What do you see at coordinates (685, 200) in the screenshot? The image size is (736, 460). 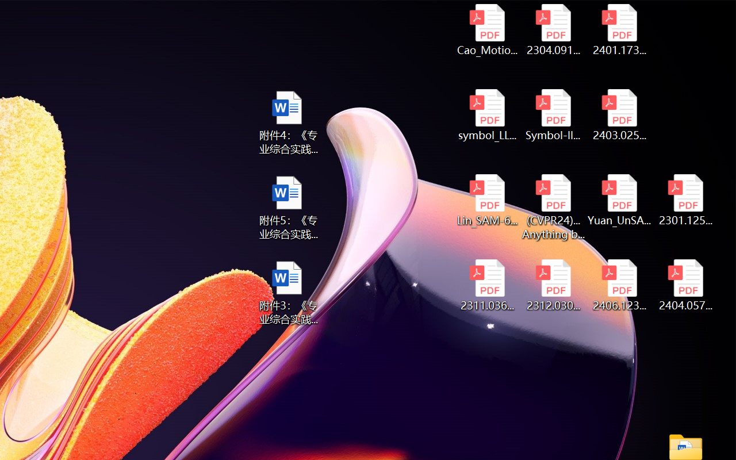 I see `'2301.12597v3.pdf'` at bounding box center [685, 200].